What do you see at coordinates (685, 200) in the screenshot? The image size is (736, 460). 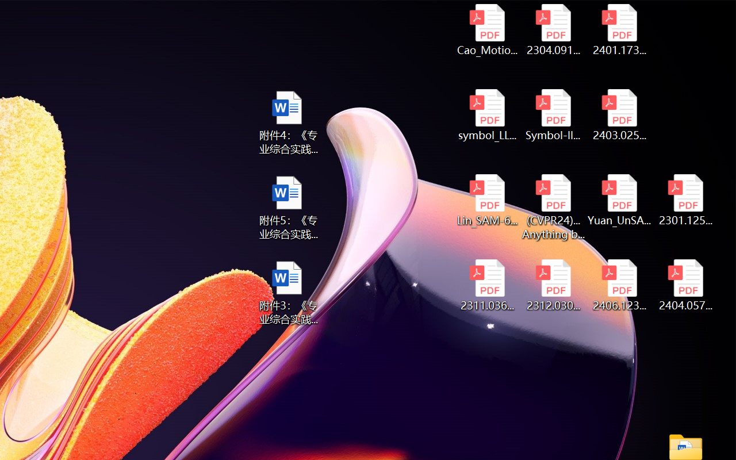 I see `'2301.12597v3.pdf'` at bounding box center [685, 200].